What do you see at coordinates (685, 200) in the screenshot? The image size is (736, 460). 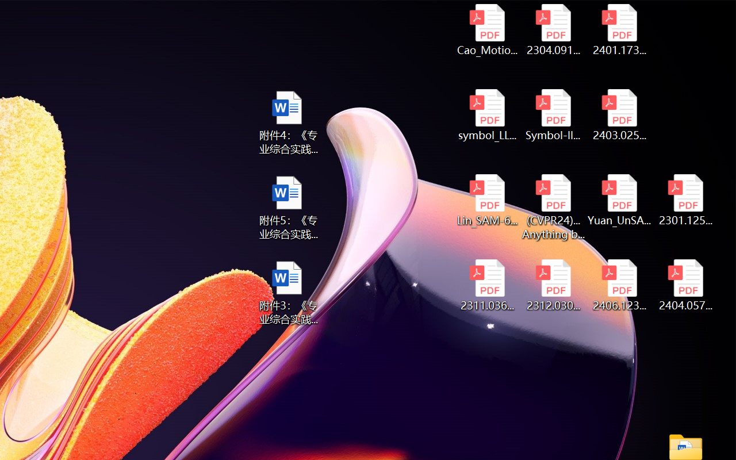 I see `'2301.12597v3.pdf'` at bounding box center [685, 200].